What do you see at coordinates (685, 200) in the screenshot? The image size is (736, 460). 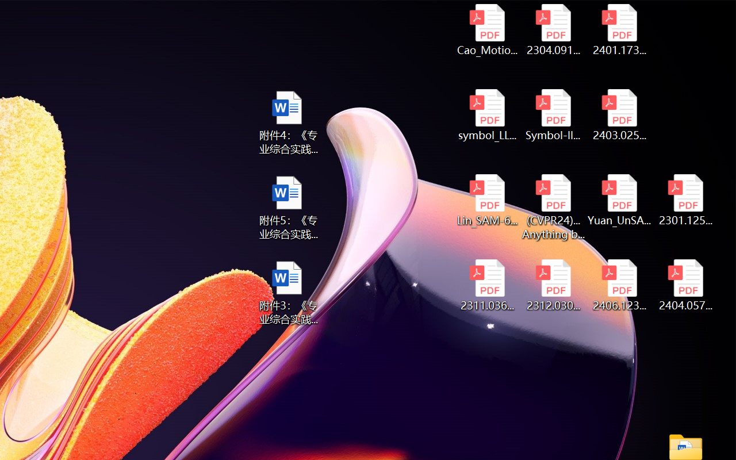 I see `'2301.12597v3.pdf'` at bounding box center [685, 200].